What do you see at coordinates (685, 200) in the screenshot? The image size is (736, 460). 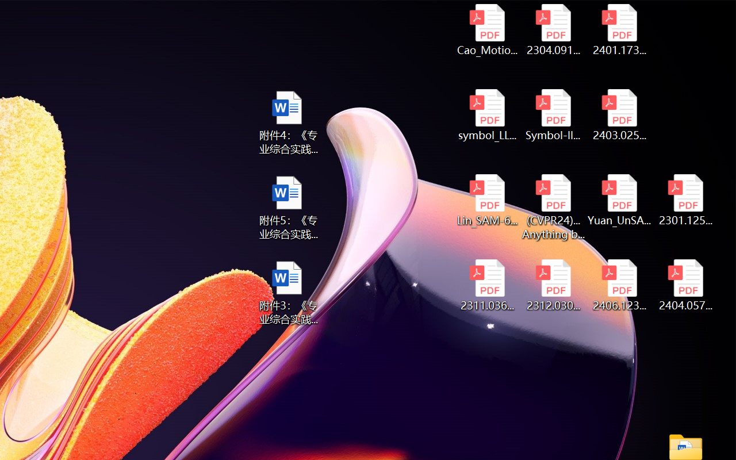 I see `'2301.12597v3.pdf'` at bounding box center [685, 200].